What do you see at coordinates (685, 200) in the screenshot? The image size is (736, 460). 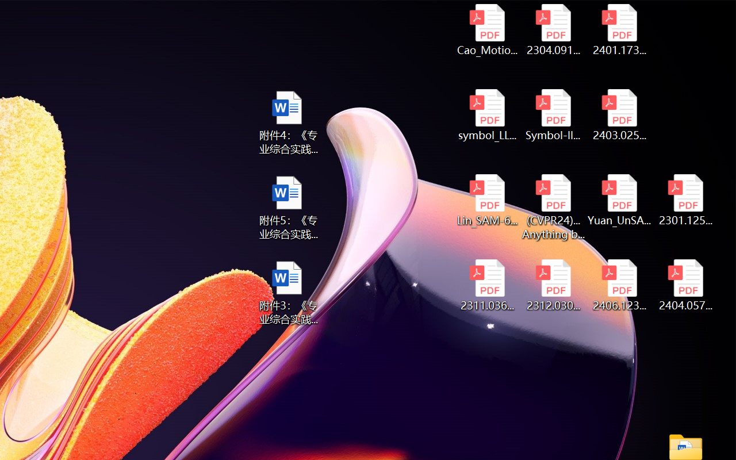 I see `'2301.12597v3.pdf'` at bounding box center [685, 200].